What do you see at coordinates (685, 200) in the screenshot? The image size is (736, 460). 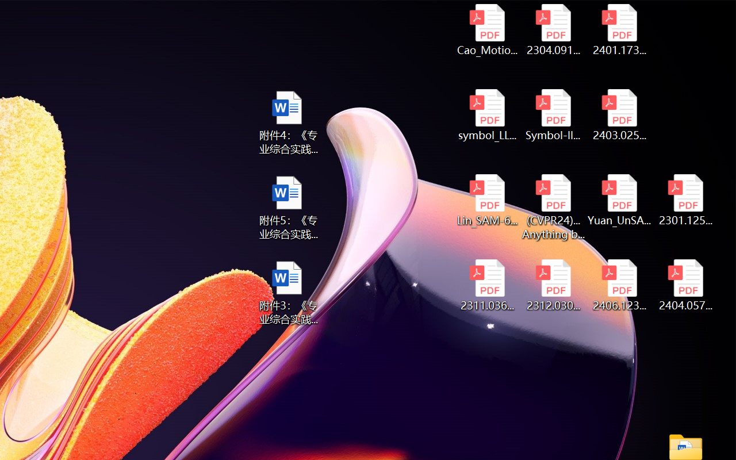 I see `'2301.12597v3.pdf'` at bounding box center [685, 200].